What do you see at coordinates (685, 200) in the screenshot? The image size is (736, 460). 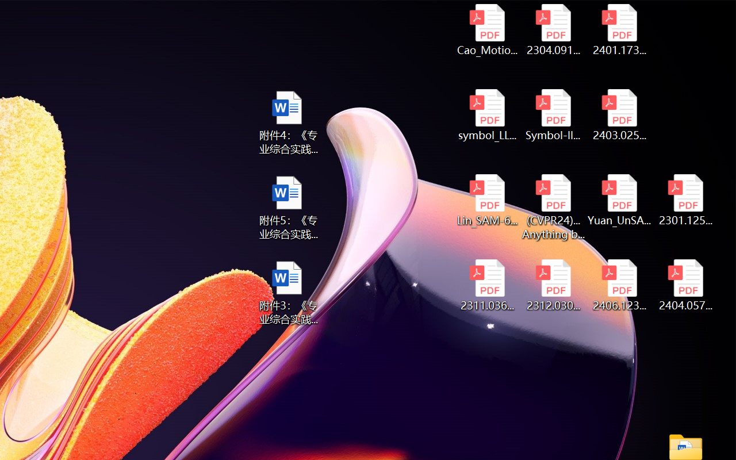 I see `'2301.12597v3.pdf'` at bounding box center [685, 200].